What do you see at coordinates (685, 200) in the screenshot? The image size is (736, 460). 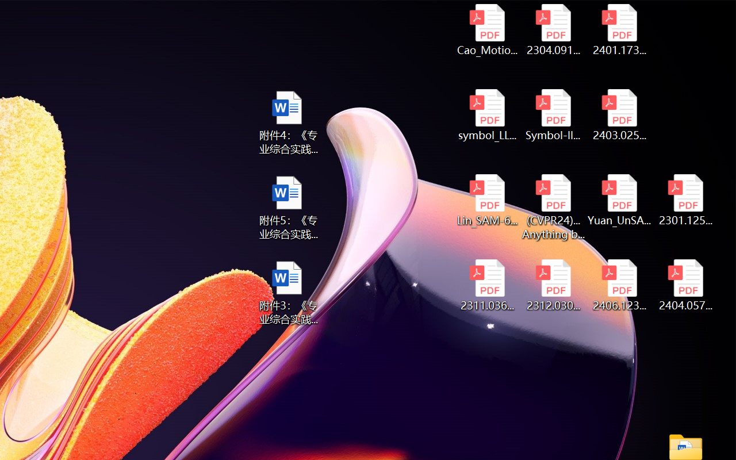 I see `'2301.12597v3.pdf'` at bounding box center [685, 200].